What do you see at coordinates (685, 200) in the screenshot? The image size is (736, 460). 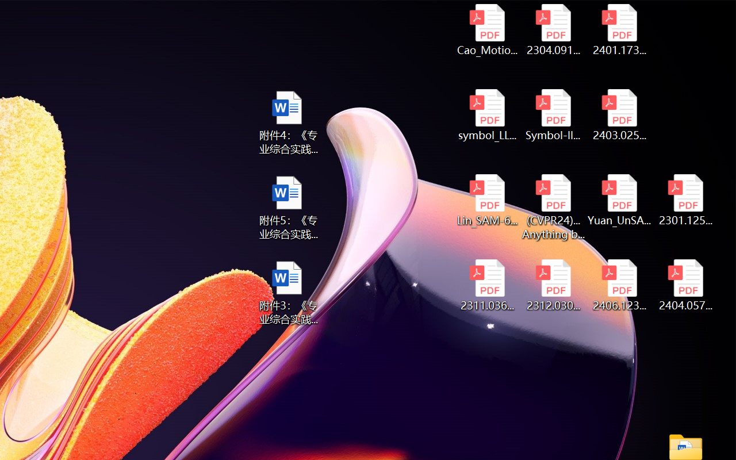 I see `'2301.12597v3.pdf'` at bounding box center [685, 200].